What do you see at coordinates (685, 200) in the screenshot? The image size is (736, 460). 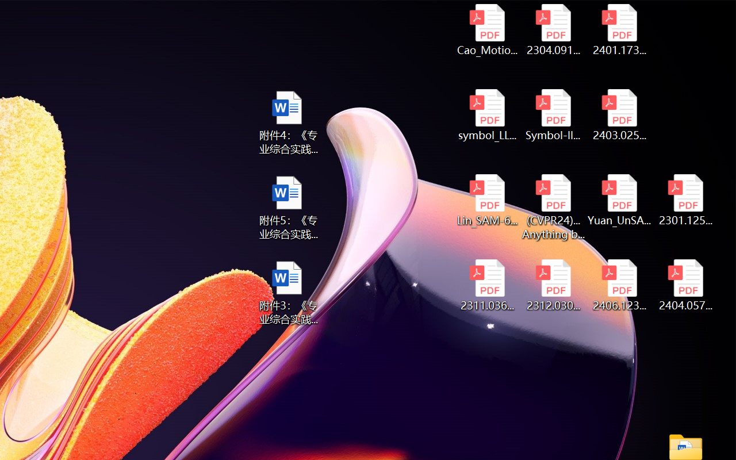 I see `'2301.12597v3.pdf'` at bounding box center [685, 200].